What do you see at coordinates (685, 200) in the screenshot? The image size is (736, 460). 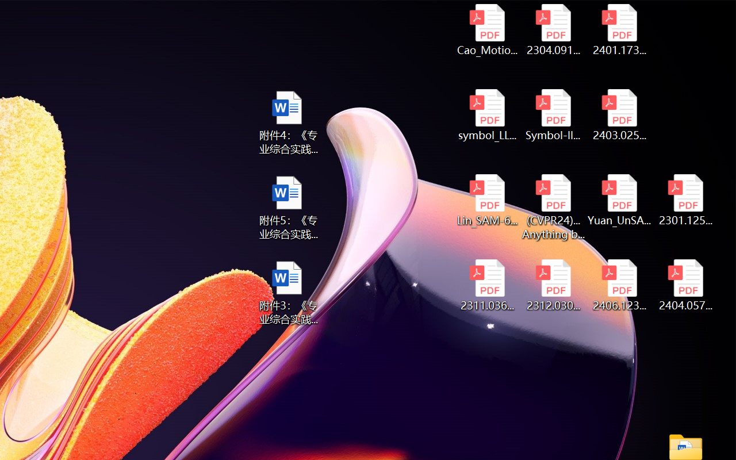 I see `'2301.12597v3.pdf'` at bounding box center [685, 200].